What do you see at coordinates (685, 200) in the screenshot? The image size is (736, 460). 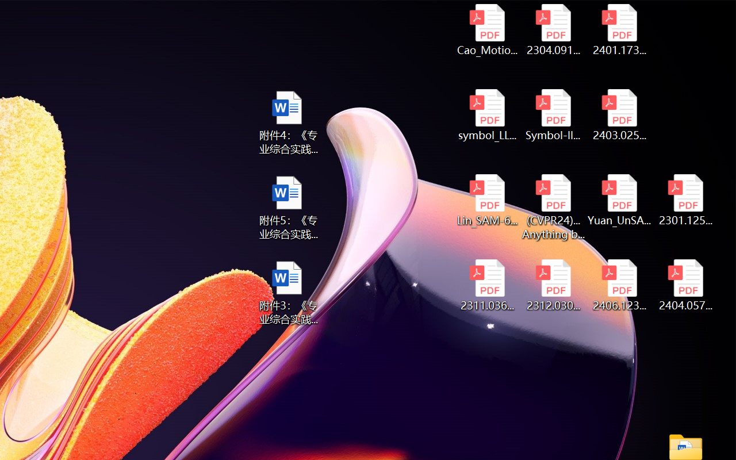 I see `'2301.12597v3.pdf'` at bounding box center [685, 200].